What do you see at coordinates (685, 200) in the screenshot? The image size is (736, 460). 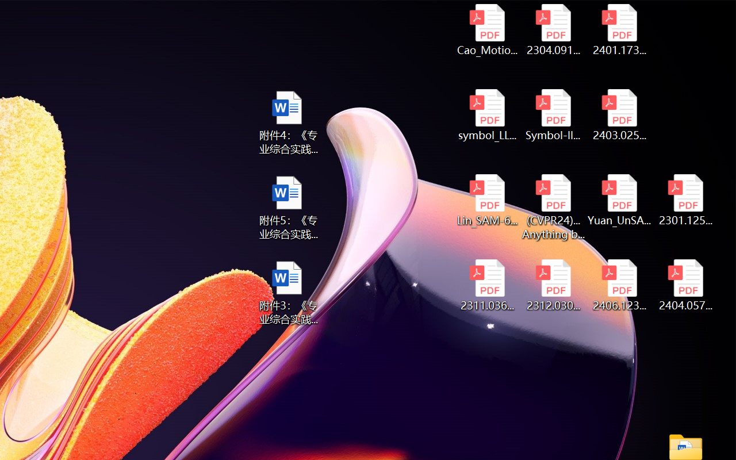 I see `'2301.12597v3.pdf'` at bounding box center [685, 200].